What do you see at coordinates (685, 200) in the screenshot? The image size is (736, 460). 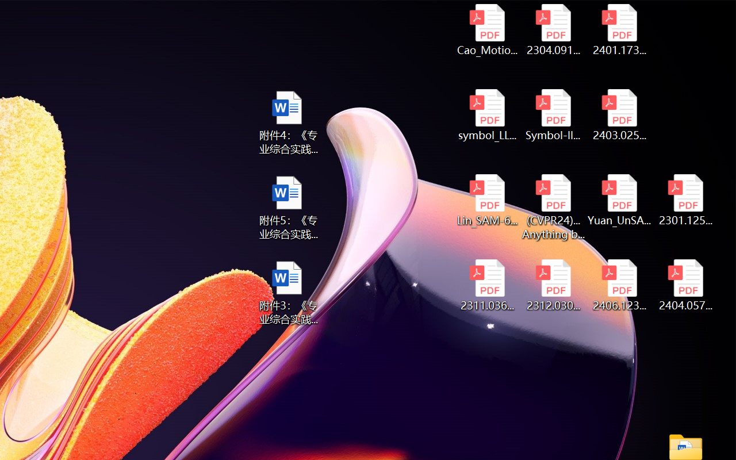 I see `'2301.12597v3.pdf'` at bounding box center [685, 200].